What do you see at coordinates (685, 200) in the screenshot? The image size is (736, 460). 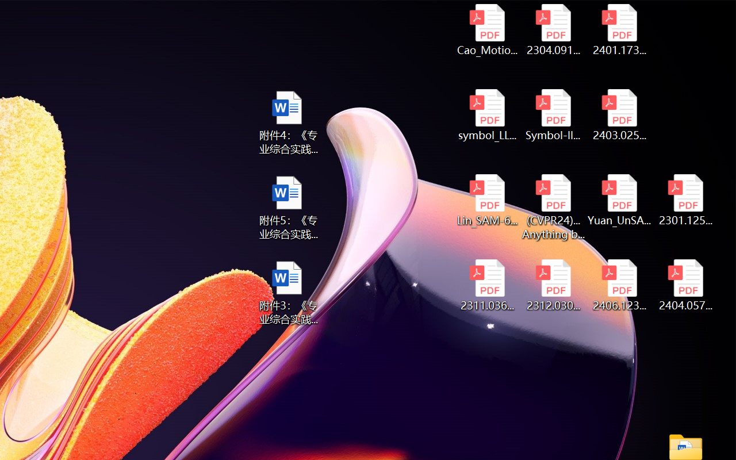 I see `'2301.12597v3.pdf'` at bounding box center [685, 200].